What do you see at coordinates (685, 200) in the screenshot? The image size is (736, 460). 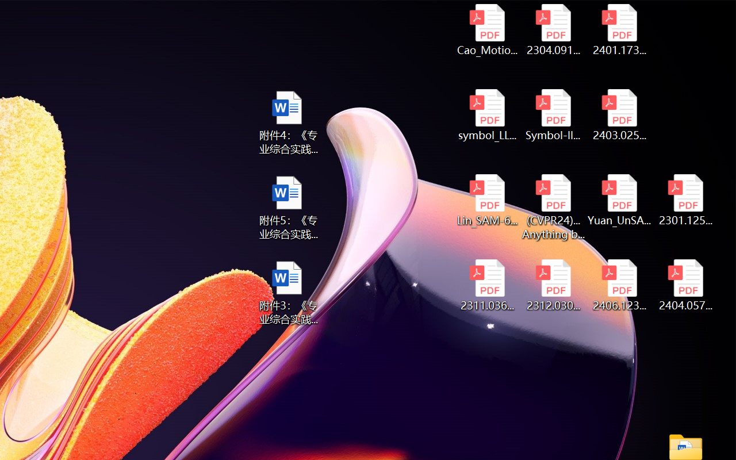 I see `'2301.12597v3.pdf'` at bounding box center [685, 200].